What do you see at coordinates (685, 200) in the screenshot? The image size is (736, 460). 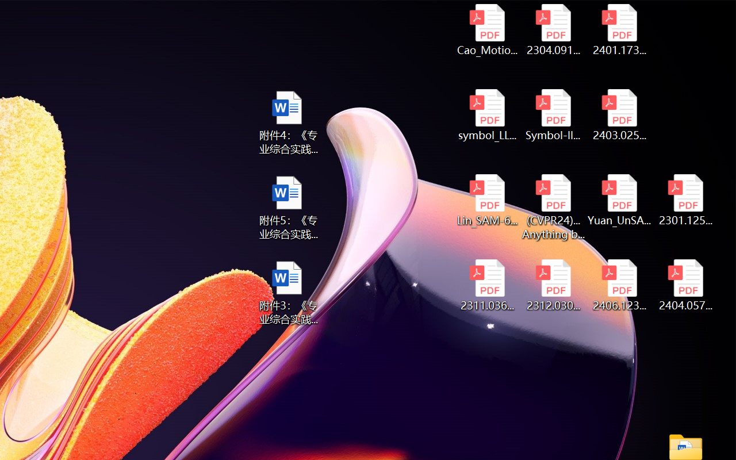 I see `'2301.12597v3.pdf'` at bounding box center [685, 200].